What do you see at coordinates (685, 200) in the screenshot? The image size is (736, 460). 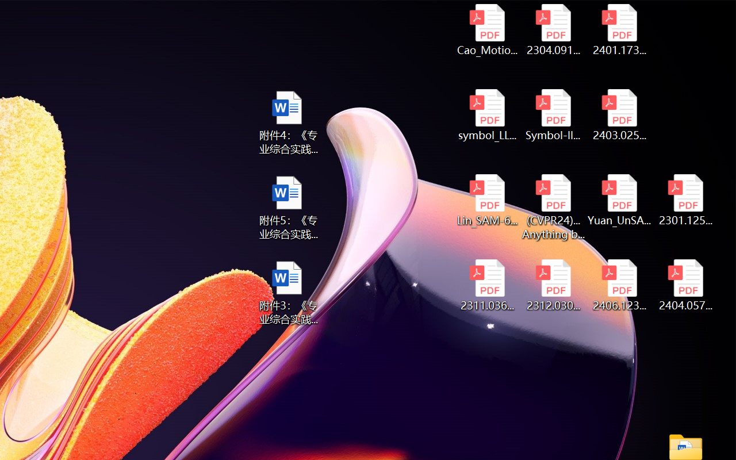 I see `'2301.12597v3.pdf'` at bounding box center [685, 200].